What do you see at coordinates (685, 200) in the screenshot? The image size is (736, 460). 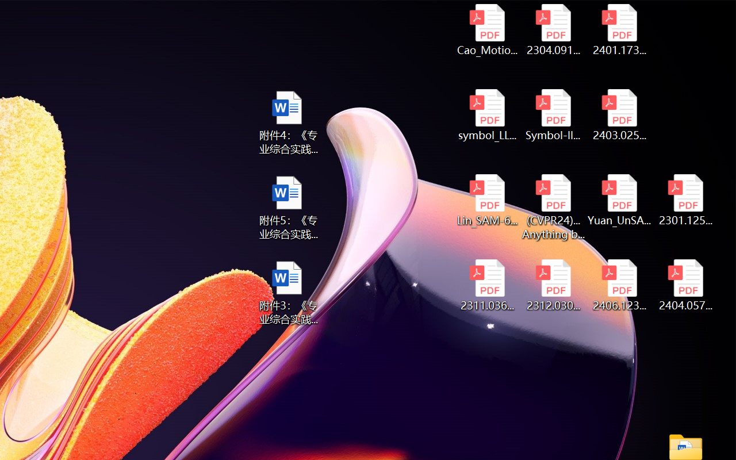 I see `'2301.12597v3.pdf'` at bounding box center [685, 200].